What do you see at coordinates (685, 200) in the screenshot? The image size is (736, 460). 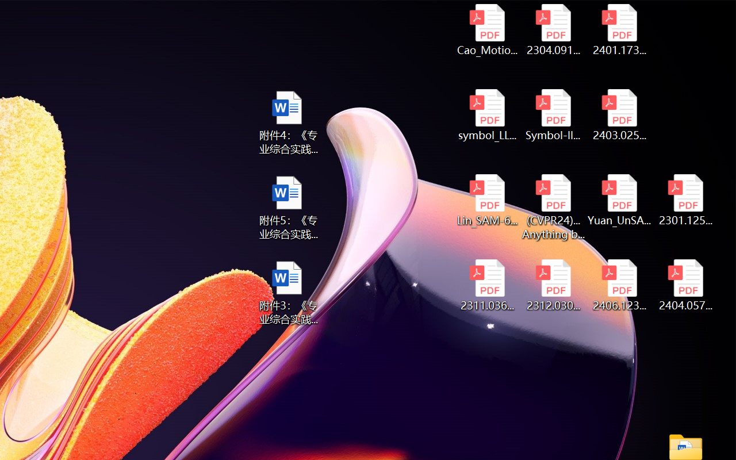 I see `'2301.12597v3.pdf'` at bounding box center [685, 200].